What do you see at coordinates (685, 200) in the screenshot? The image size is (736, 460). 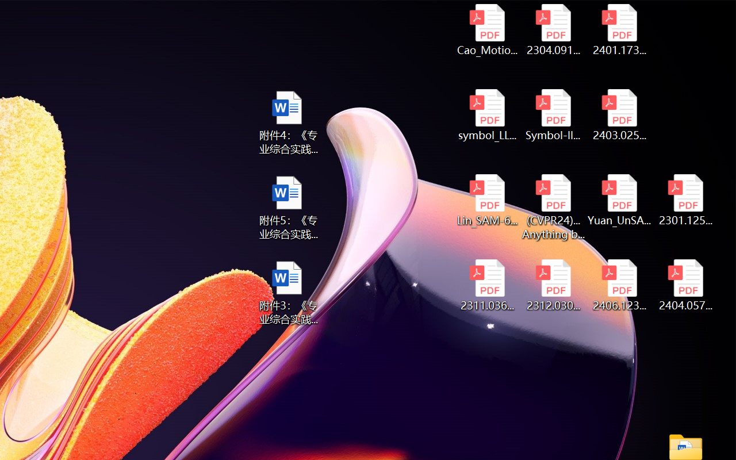 I see `'2301.12597v3.pdf'` at bounding box center [685, 200].